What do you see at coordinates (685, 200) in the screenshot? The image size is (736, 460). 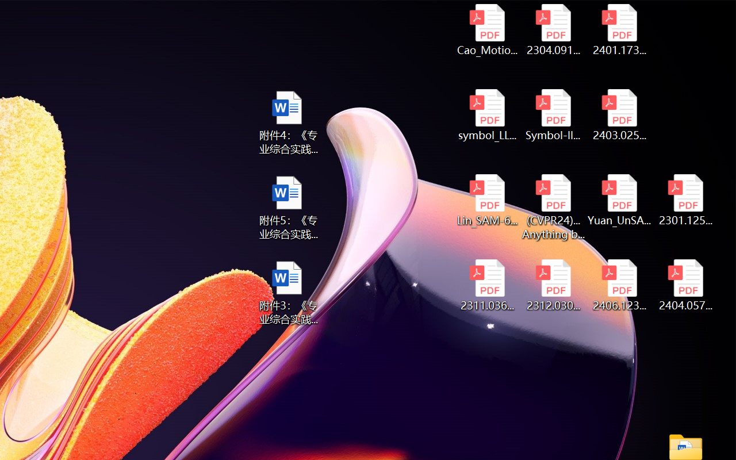 I see `'2301.12597v3.pdf'` at bounding box center [685, 200].